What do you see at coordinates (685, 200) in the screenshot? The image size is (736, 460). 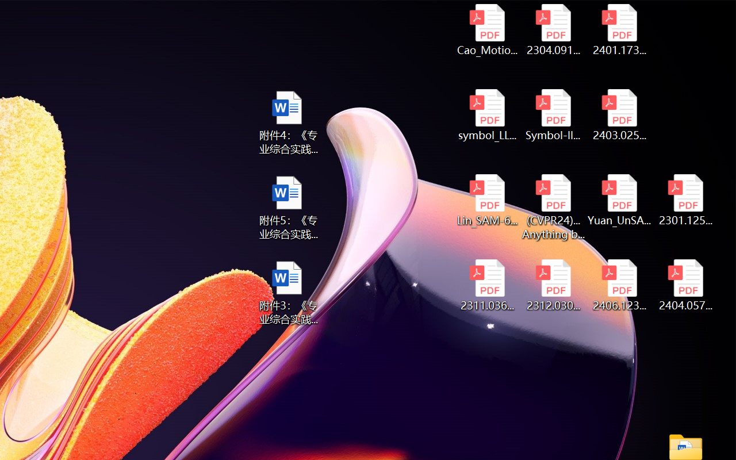 I see `'2301.12597v3.pdf'` at bounding box center [685, 200].